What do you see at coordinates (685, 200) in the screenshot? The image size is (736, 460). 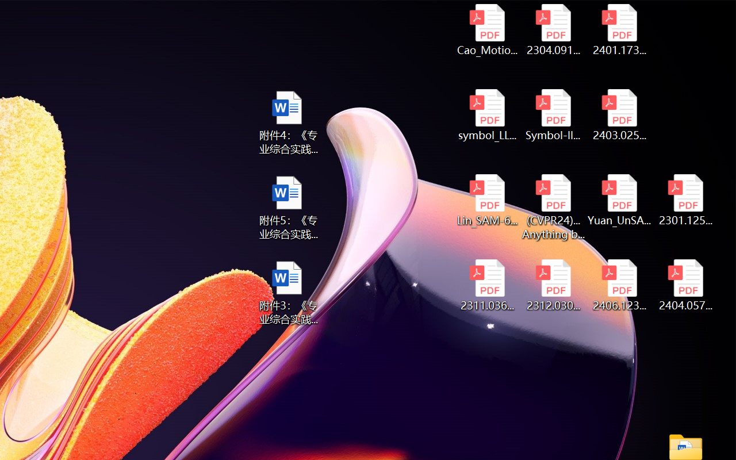 I see `'2301.12597v3.pdf'` at bounding box center [685, 200].